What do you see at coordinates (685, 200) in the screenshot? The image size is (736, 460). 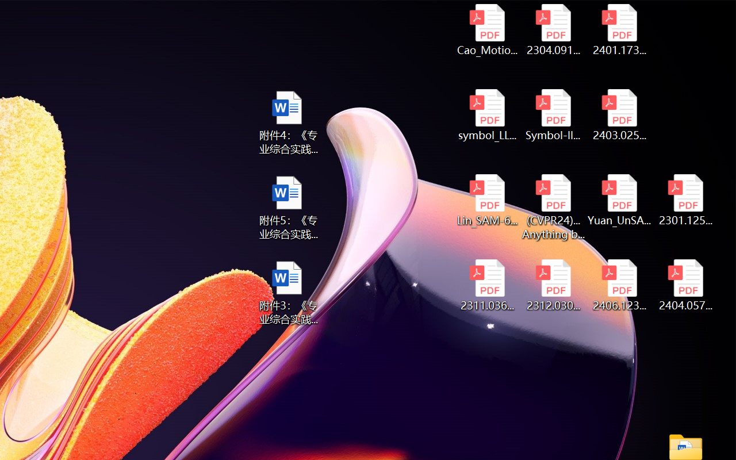 I see `'2301.12597v3.pdf'` at bounding box center [685, 200].